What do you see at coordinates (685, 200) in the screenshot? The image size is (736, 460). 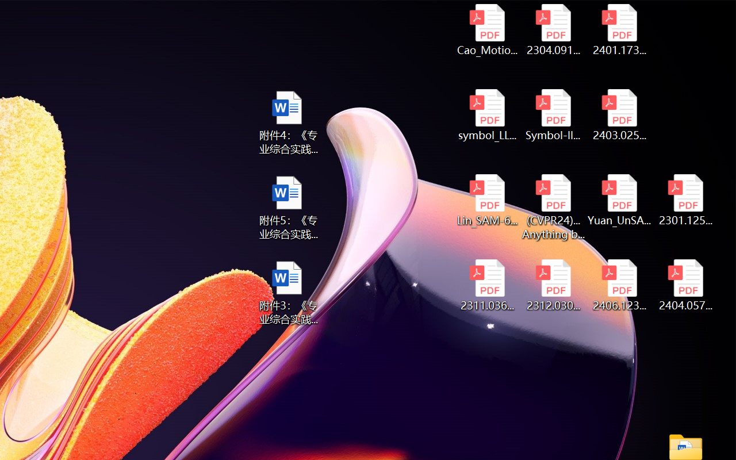 I see `'2301.12597v3.pdf'` at bounding box center [685, 200].